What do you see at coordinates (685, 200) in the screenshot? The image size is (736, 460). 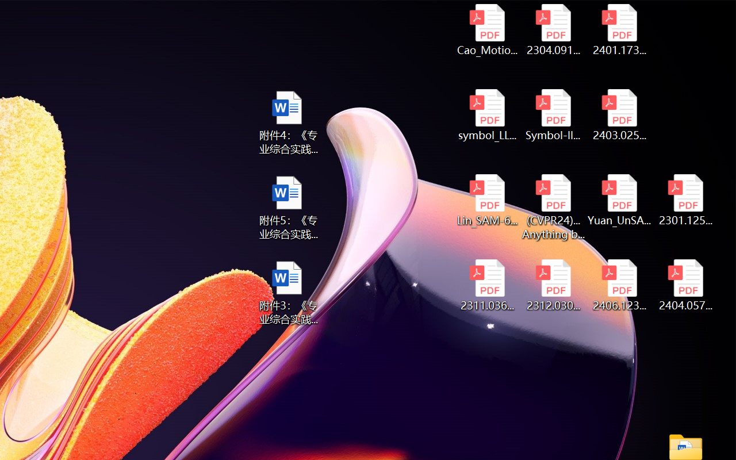 I see `'2301.12597v3.pdf'` at bounding box center [685, 200].